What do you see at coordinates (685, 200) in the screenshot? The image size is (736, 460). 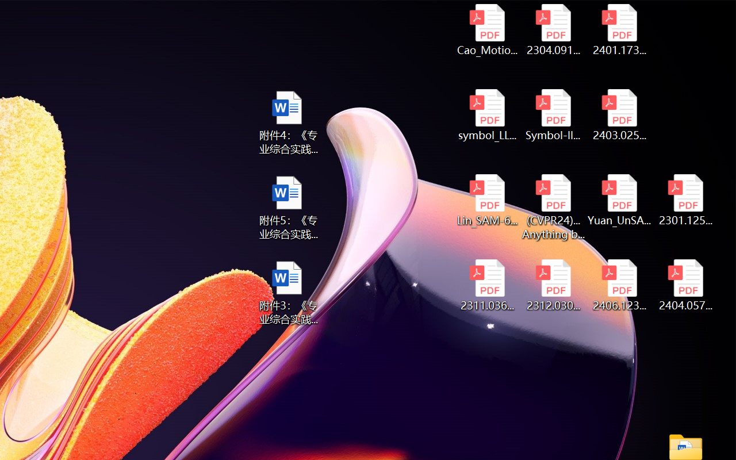 I see `'2301.12597v3.pdf'` at bounding box center [685, 200].